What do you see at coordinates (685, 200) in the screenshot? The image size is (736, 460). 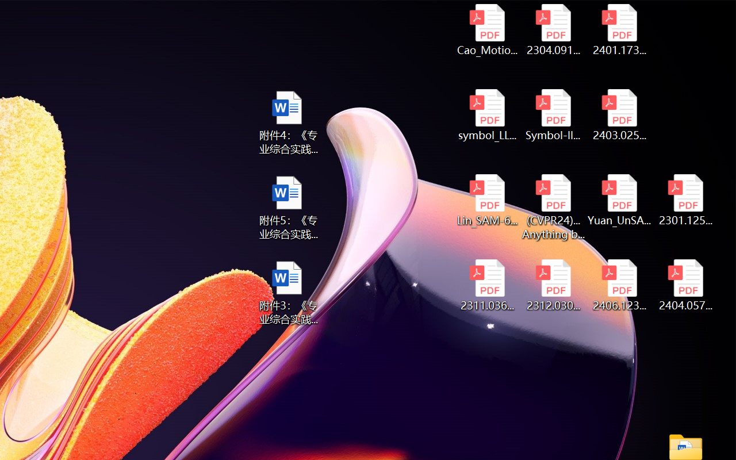 I see `'2301.12597v3.pdf'` at bounding box center [685, 200].